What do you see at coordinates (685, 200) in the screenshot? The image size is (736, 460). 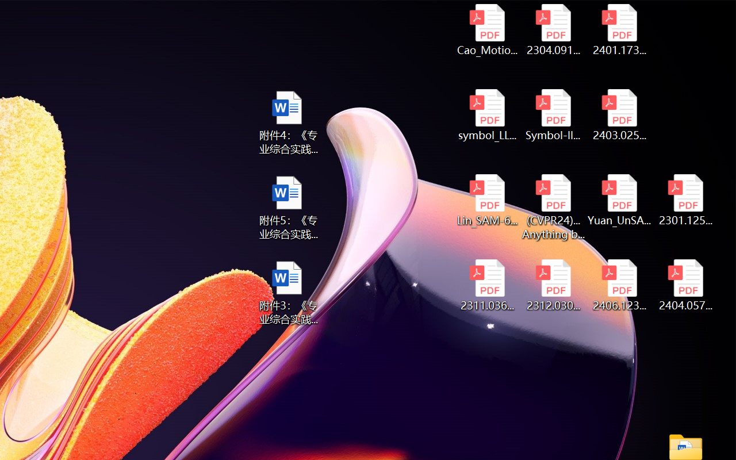 I see `'2301.12597v3.pdf'` at bounding box center [685, 200].